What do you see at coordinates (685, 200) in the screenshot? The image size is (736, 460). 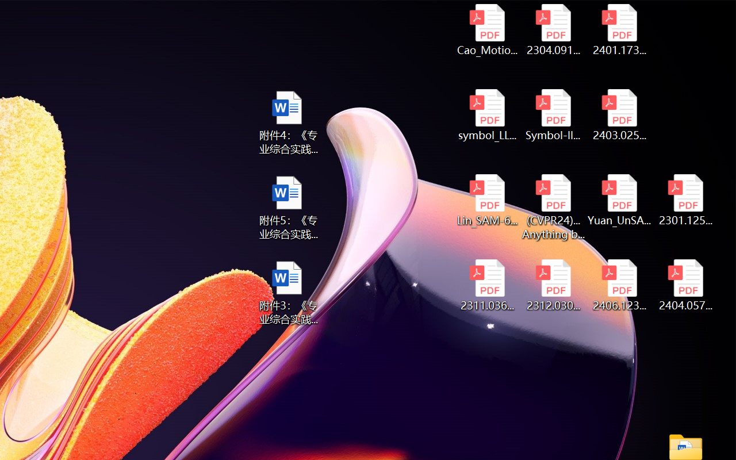 I see `'2301.12597v3.pdf'` at bounding box center [685, 200].